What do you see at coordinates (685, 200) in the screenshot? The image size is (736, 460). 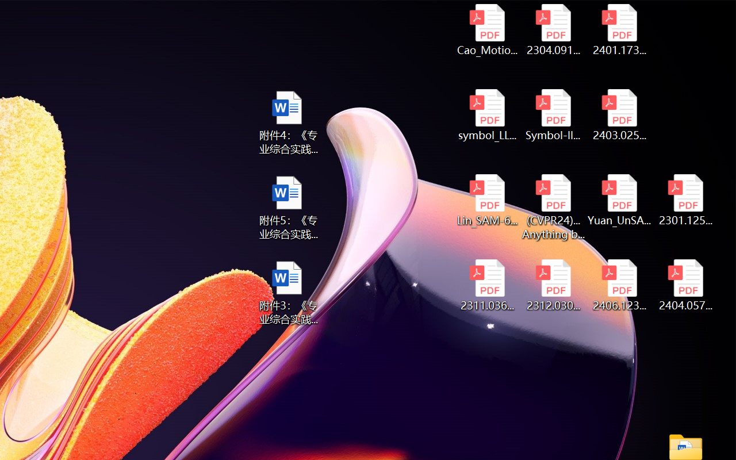 I see `'2301.12597v3.pdf'` at bounding box center [685, 200].